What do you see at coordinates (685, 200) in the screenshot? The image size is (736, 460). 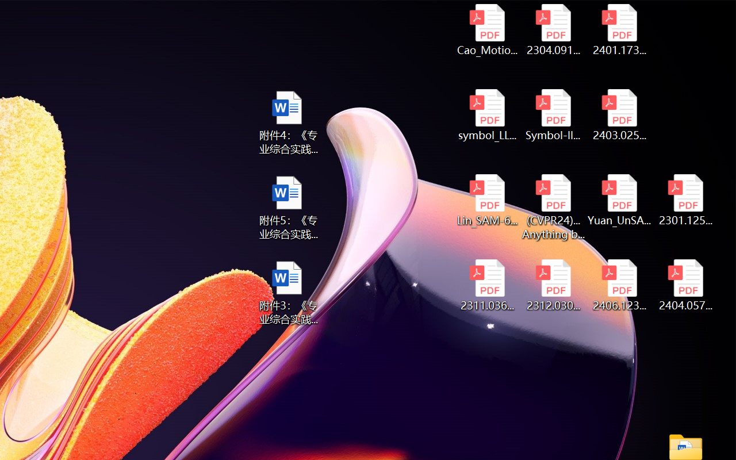 I see `'2301.12597v3.pdf'` at bounding box center [685, 200].